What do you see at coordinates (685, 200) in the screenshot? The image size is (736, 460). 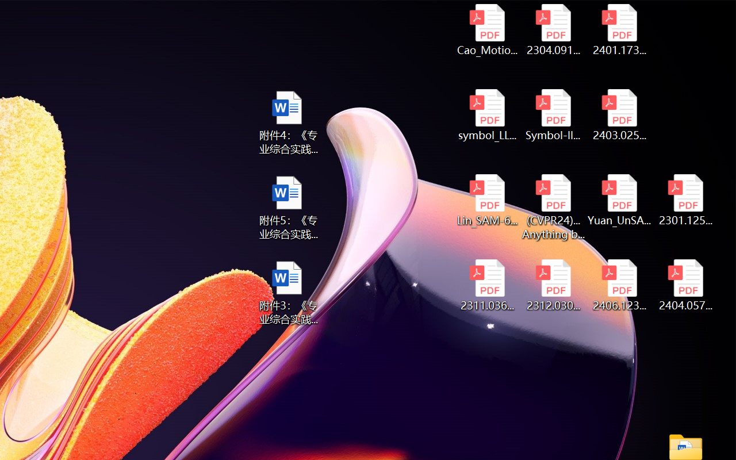 I see `'2301.12597v3.pdf'` at bounding box center [685, 200].